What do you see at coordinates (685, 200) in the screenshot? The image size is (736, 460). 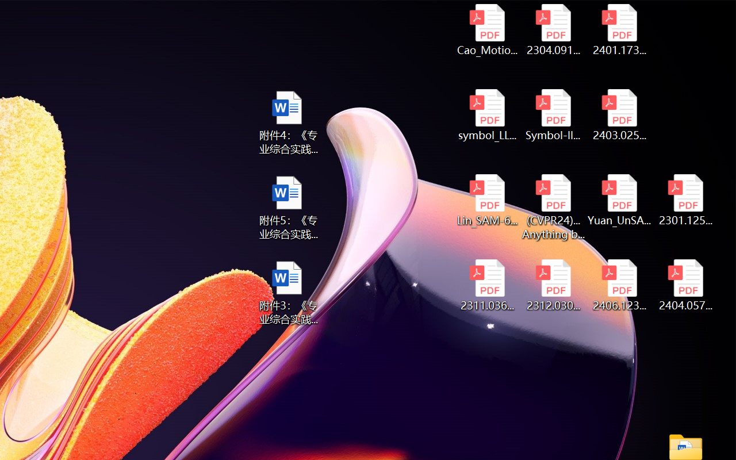 I see `'2301.12597v3.pdf'` at bounding box center [685, 200].